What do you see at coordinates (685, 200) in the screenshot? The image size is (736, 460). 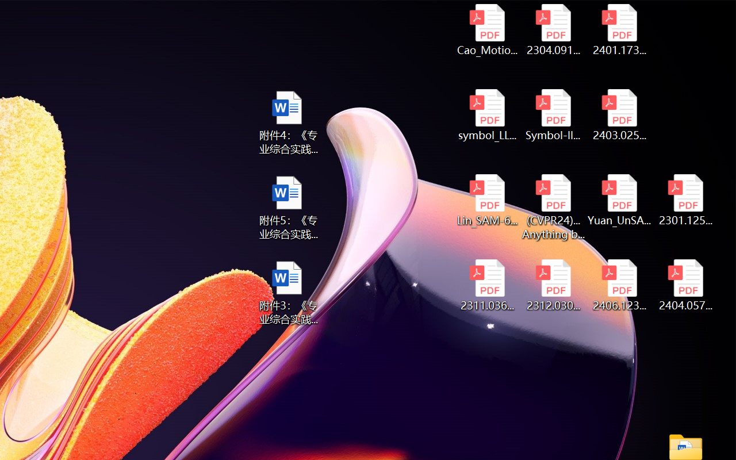 I see `'2301.12597v3.pdf'` at bounding box center [685, 200].